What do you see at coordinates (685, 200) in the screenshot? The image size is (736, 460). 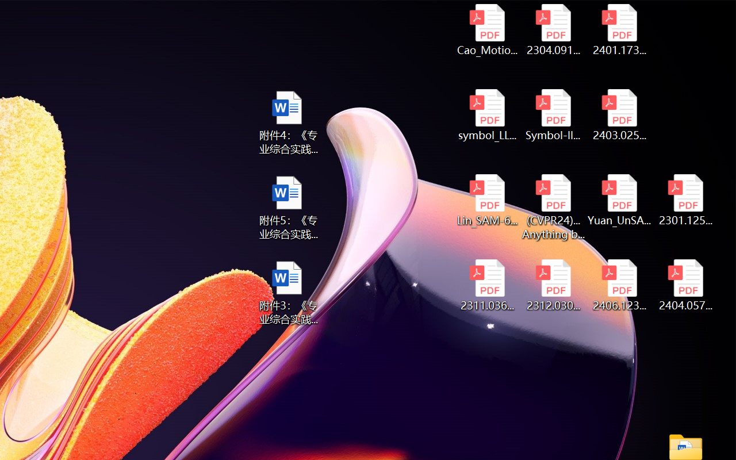 I see `'2301.12597v3.pdf'` at bounding box center [685, 200].